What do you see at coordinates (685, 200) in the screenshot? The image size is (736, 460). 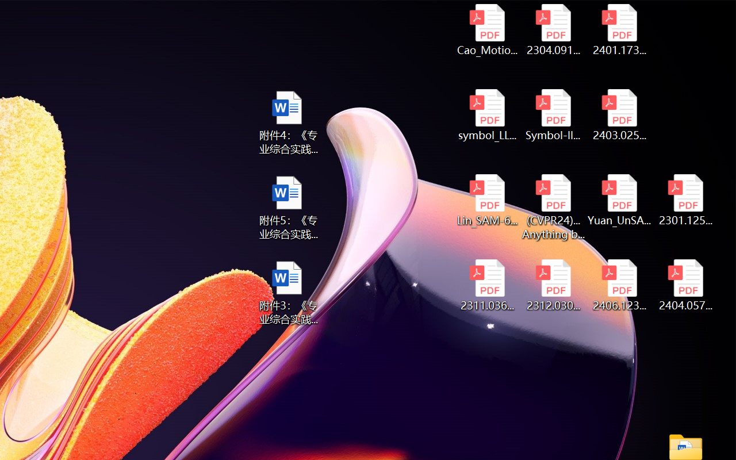 I see `'2301.12597v3.pdf'` at bounding box center [685, 200].